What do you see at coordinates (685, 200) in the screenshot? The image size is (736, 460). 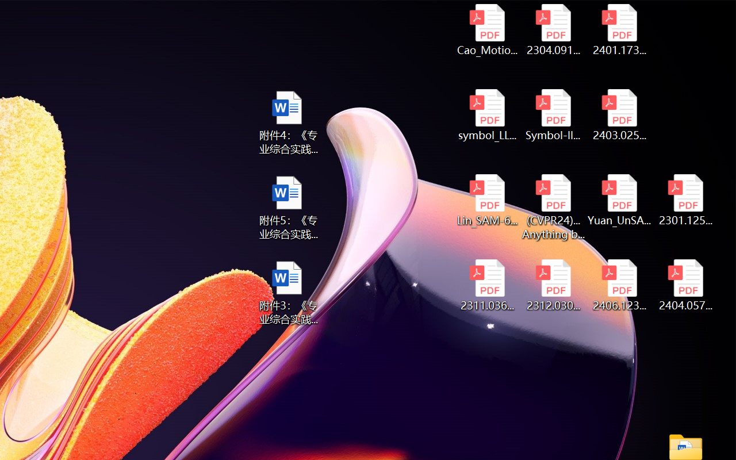 I see `'2301.12597v3.pdf'` at bounding box center [685, 200].